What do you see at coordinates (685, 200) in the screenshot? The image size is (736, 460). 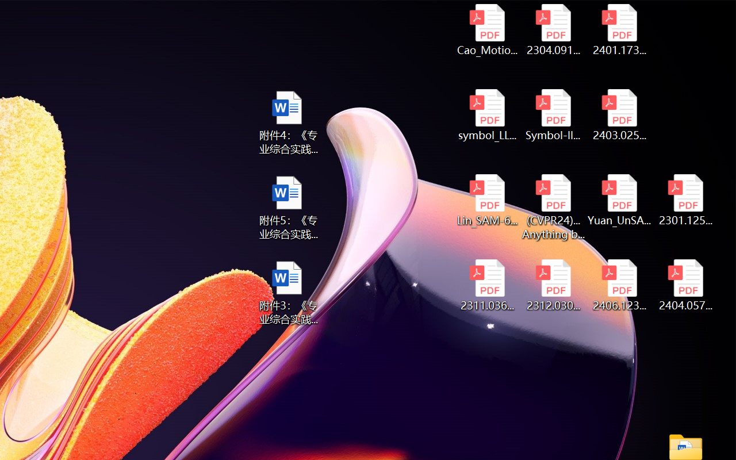 I see `'2301.12597v3.pdf'` at bounding box center [685, 200].